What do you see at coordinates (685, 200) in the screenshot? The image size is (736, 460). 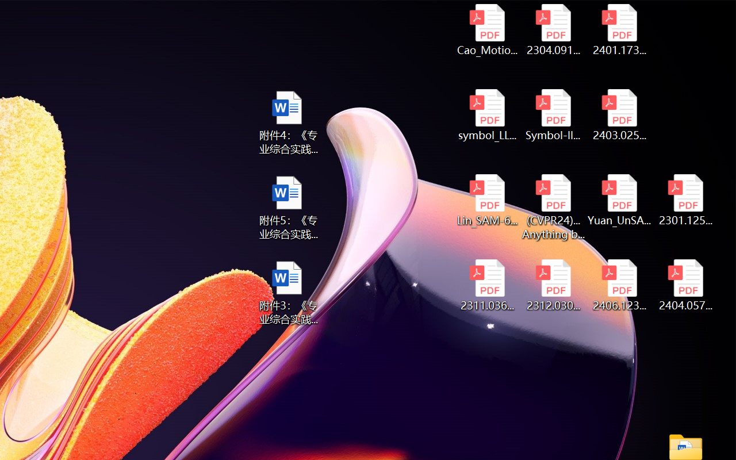 I see `'2301.12597v3.pdf'` at bounding box center [685, 200].